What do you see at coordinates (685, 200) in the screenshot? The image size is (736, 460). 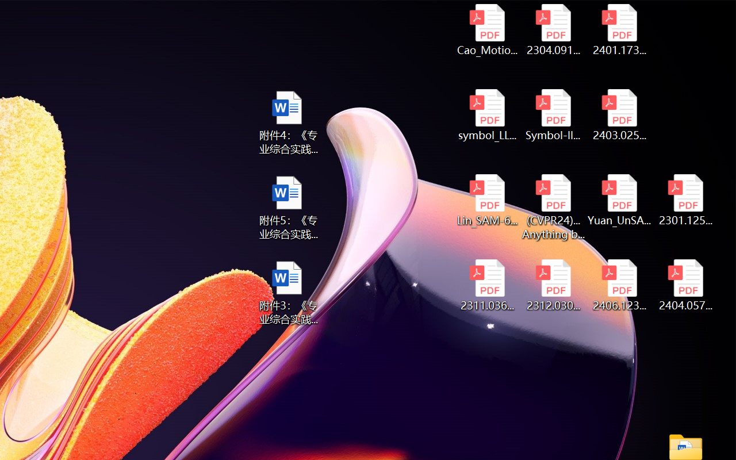 I see `'2301.12597v3.pdf'` at bounding box center [685, 200].